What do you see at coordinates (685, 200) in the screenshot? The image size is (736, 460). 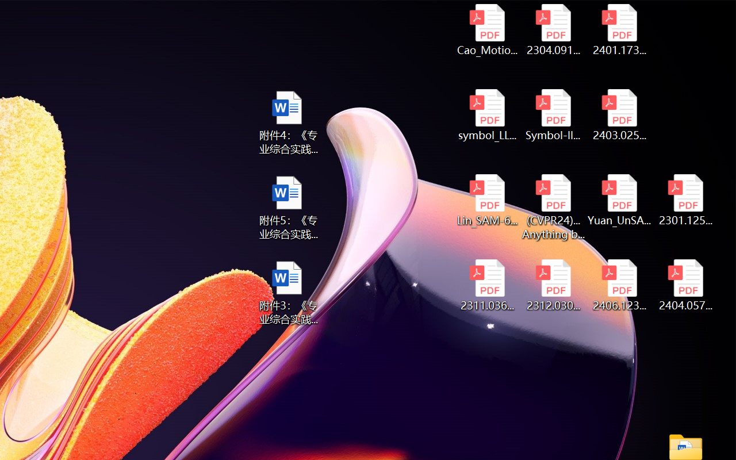 I see `'2301.12597v3.pdf'` at bounding box center [685, 200].